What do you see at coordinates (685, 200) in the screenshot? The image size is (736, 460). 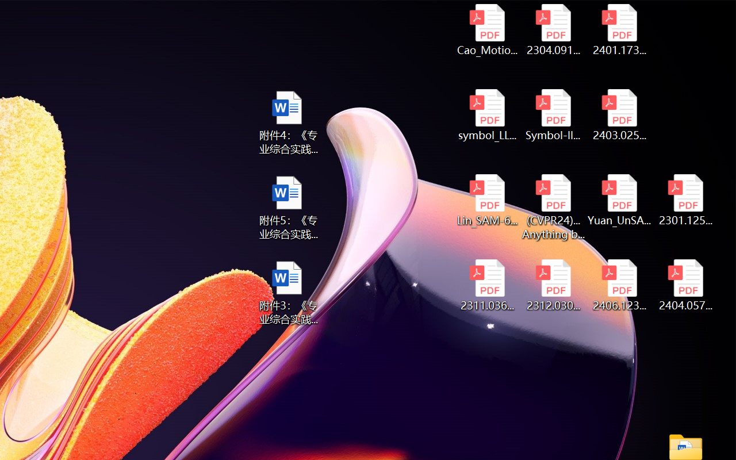 I see `'2301.12597v3.pdf'` at bounding box center [685, 200].